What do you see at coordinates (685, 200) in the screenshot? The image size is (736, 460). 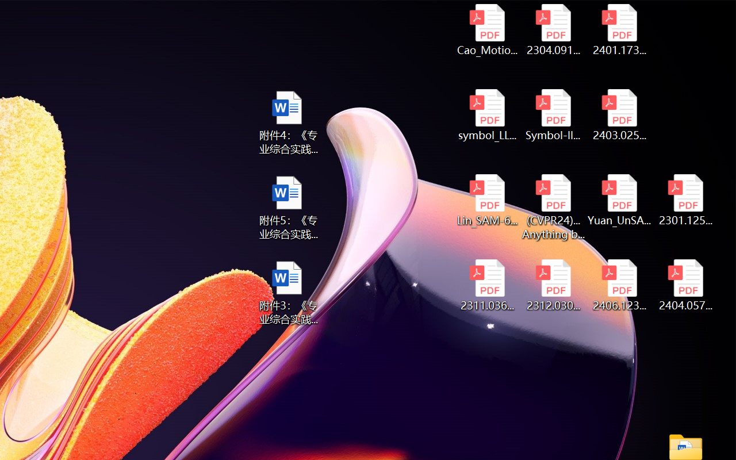 I see `'2301.12597v3.pdf'` at bounding box center [685, 200].